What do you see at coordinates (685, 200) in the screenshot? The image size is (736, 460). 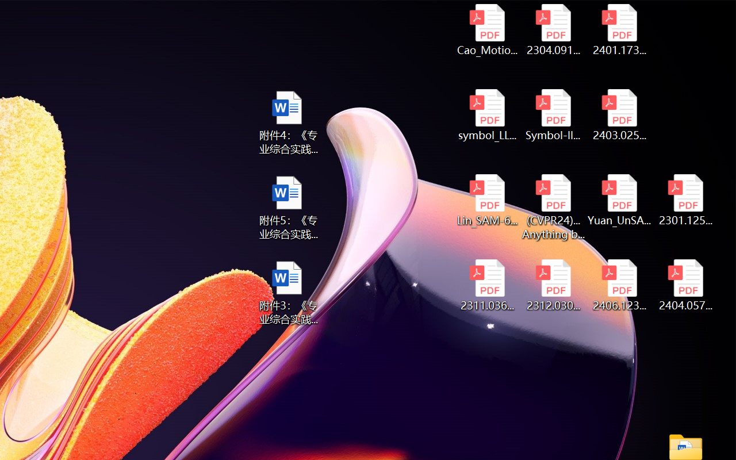 I see `'2301.12597v3.pdf'` at bounding box center [685, 200].